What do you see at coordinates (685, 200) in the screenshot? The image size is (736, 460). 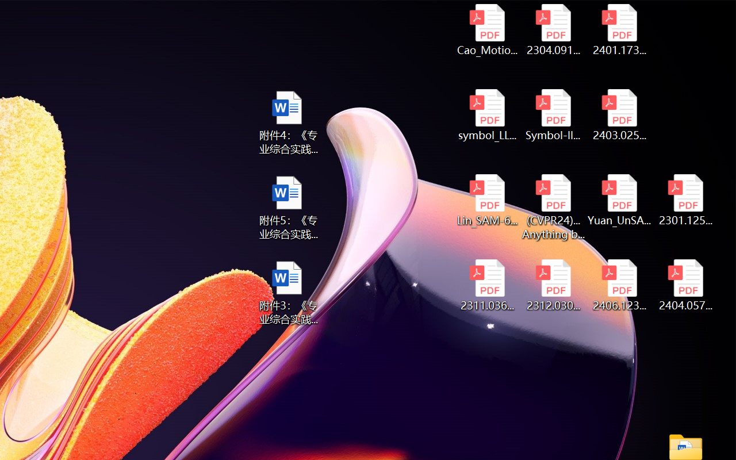 I see `'2301.12597v3.pdf'` at bounding box center [685, 200].